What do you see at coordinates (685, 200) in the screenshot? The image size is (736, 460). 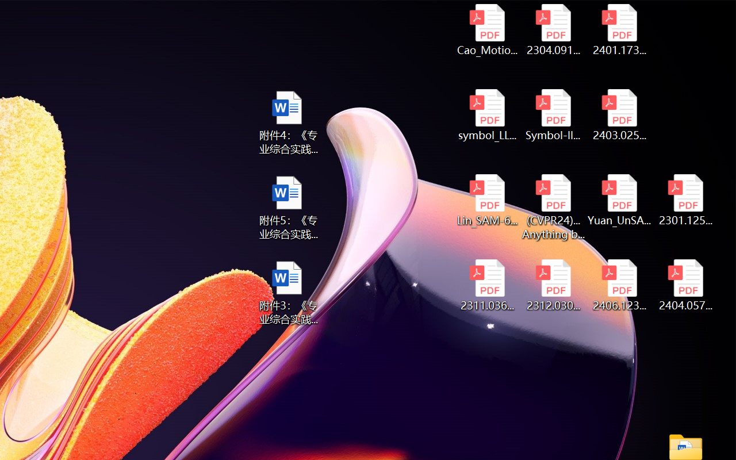 I see `'2301.12597v3.pdf'` at bounding box center [685, 200].